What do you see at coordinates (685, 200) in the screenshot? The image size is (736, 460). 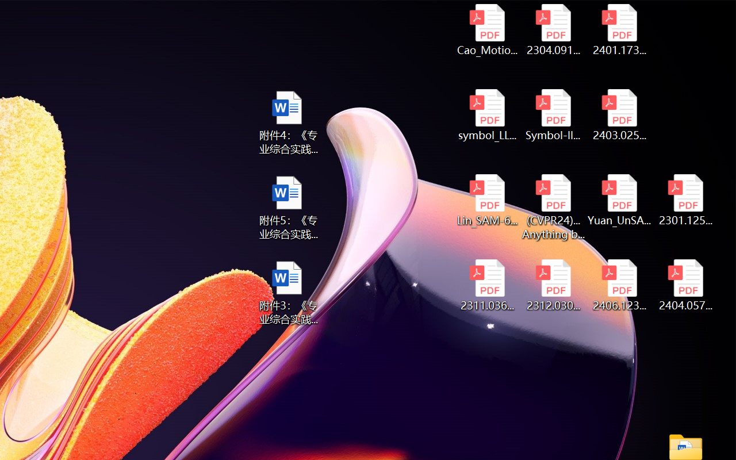 I see `'2301.12597v3.pdf'` at bounding box center [685, 200].